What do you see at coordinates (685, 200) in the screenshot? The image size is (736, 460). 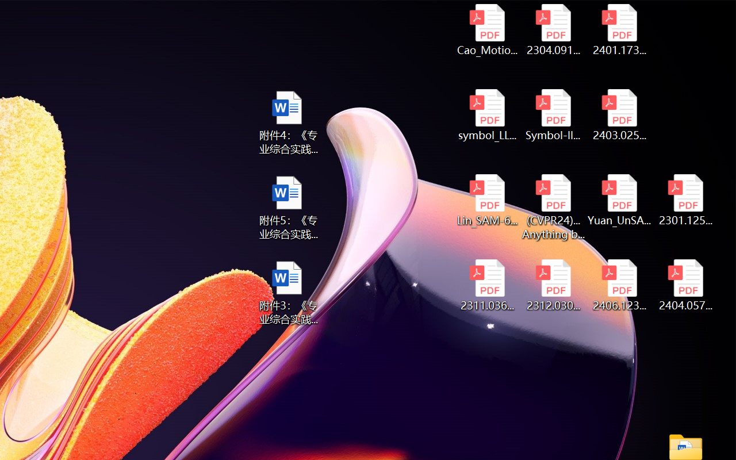 I see `'2301.12597v3.pdf'` at bounding box center [685, 200].